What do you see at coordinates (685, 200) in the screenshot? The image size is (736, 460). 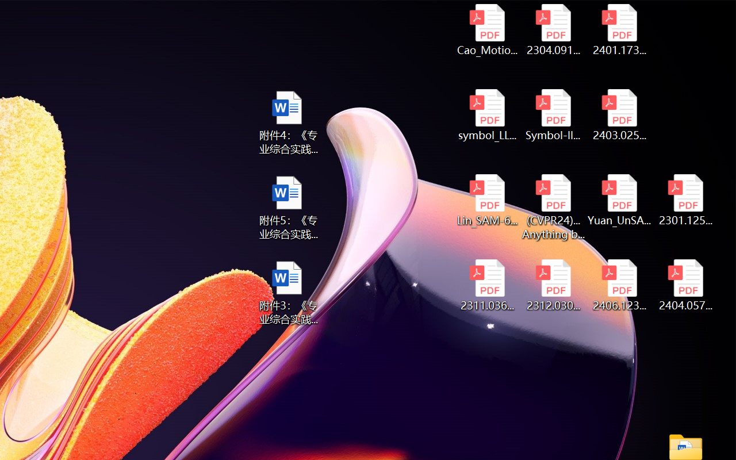 I see `'2301.12597v3.pdf'` at bounding box center [685, 200].